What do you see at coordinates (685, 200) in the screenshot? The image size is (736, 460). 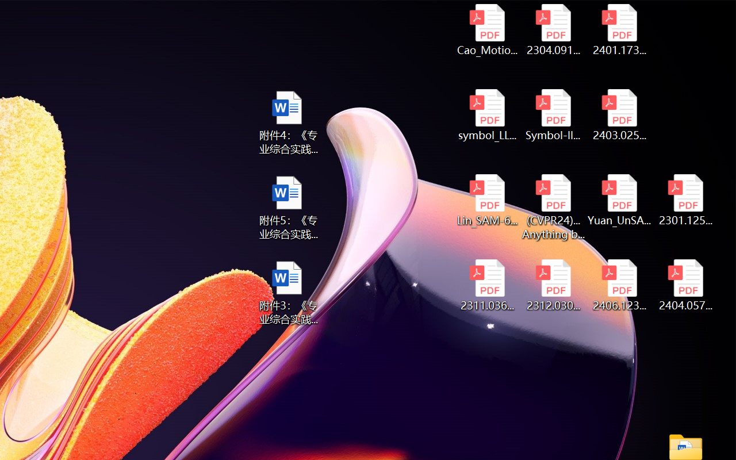 I see `'2301.12597v3.pdf'` at bounding box center [685, 200].